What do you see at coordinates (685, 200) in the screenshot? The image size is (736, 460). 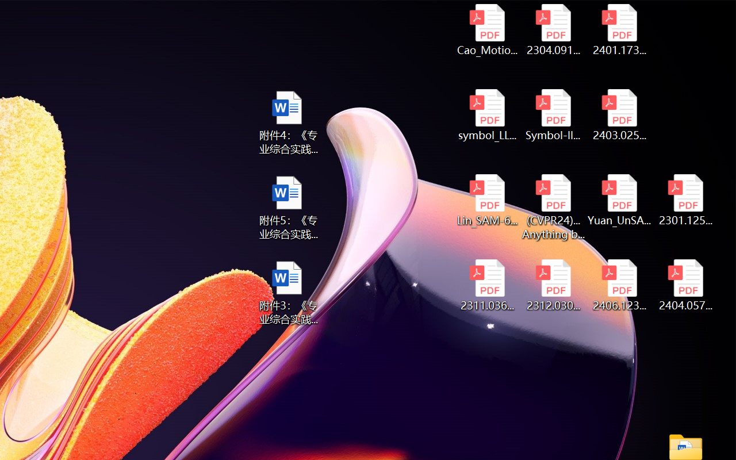 I see `'2301.12597v3.pdf'` at bounding box center [685, 200].